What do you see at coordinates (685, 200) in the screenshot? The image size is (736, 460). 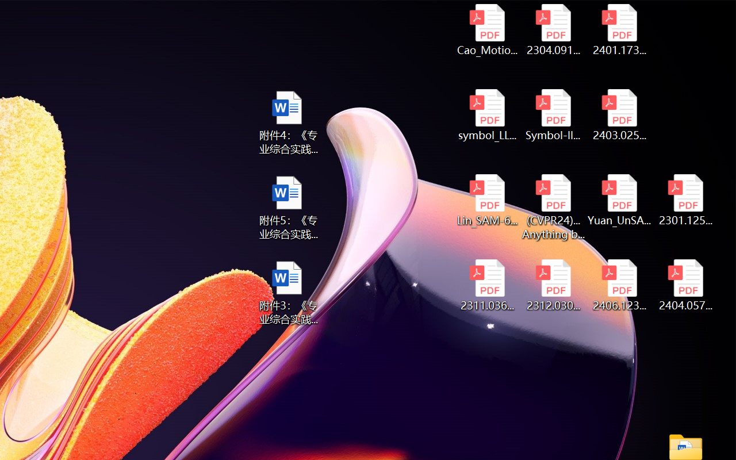 I see `'2301.12597v3.pdf'` at bounding box center [685, 200].